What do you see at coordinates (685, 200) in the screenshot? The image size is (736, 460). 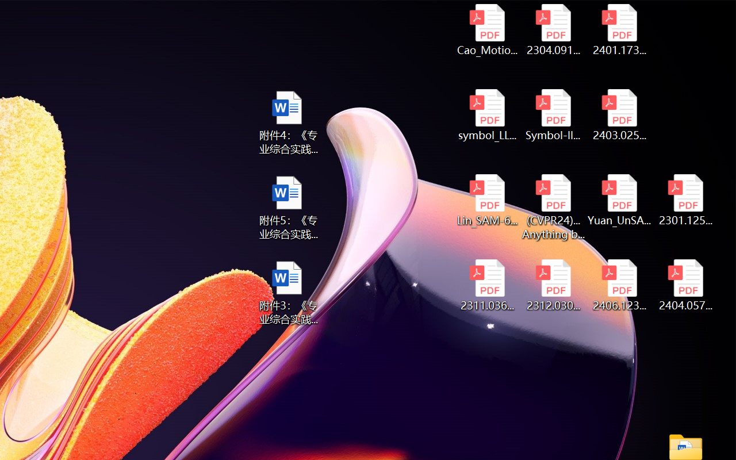 I see `'2301.12597v3.pdf'` at bounding box center [685, 200].